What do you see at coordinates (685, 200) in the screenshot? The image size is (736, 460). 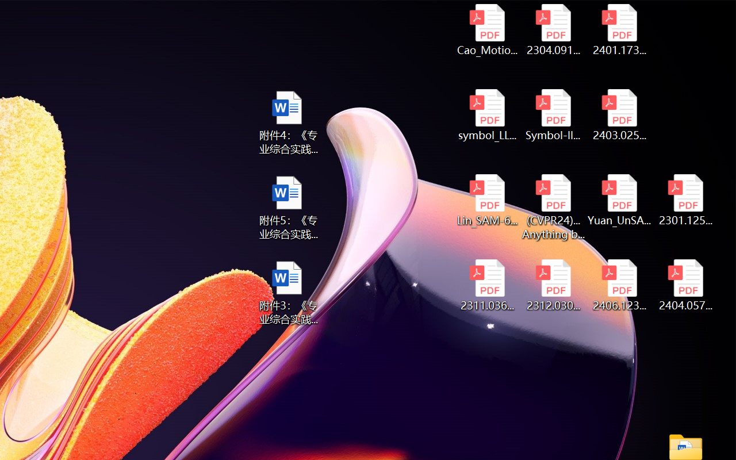 I see `'2301.12597v3.pdf'` at bounding box center [685, 200].